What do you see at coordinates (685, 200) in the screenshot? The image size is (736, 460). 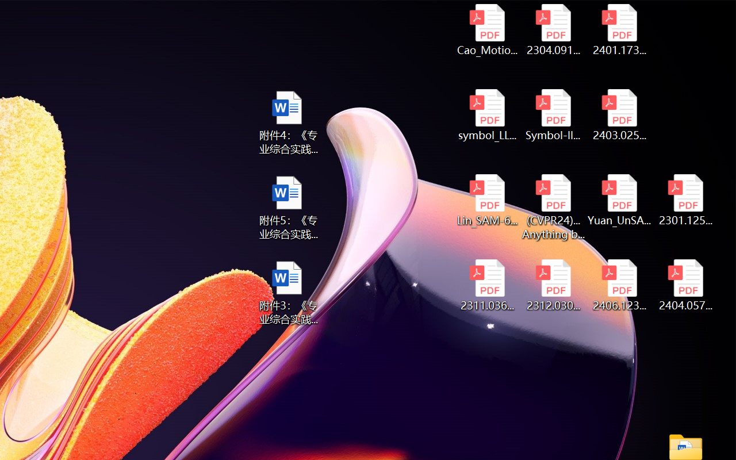 I see `'2301.12597v3.pdf'` at bounding box center [685, 200].